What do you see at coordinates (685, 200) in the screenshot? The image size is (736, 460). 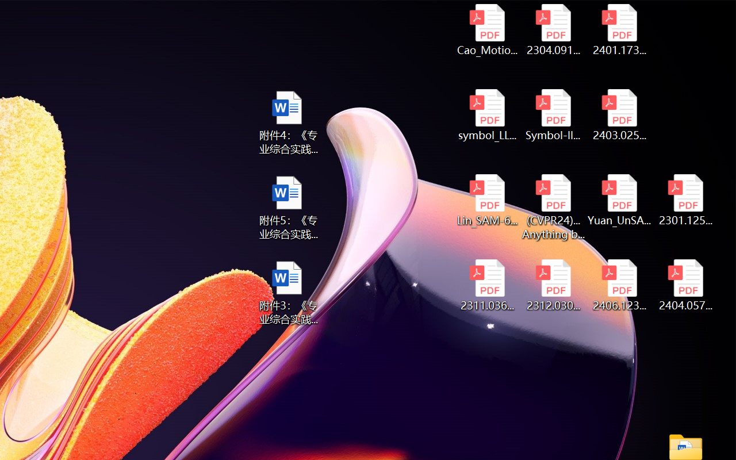 I see `'2301.12597v3.pdf'` at bounding box center [685, 200].